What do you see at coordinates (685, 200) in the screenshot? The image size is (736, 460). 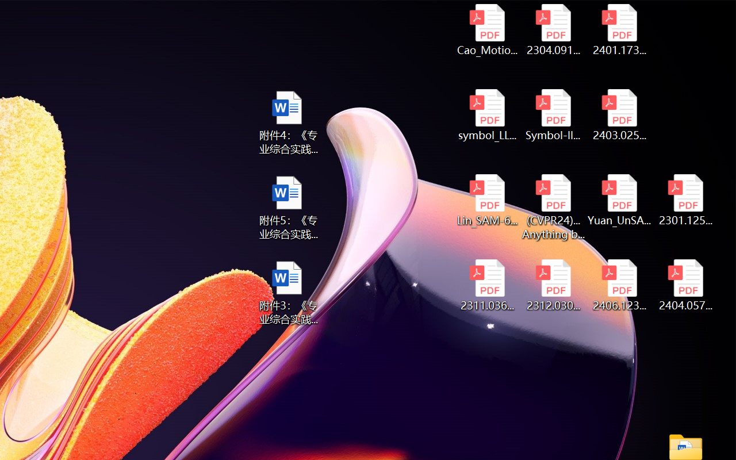 I see `'2301.12597v3.pdf'` at bounding box center [685, 200].